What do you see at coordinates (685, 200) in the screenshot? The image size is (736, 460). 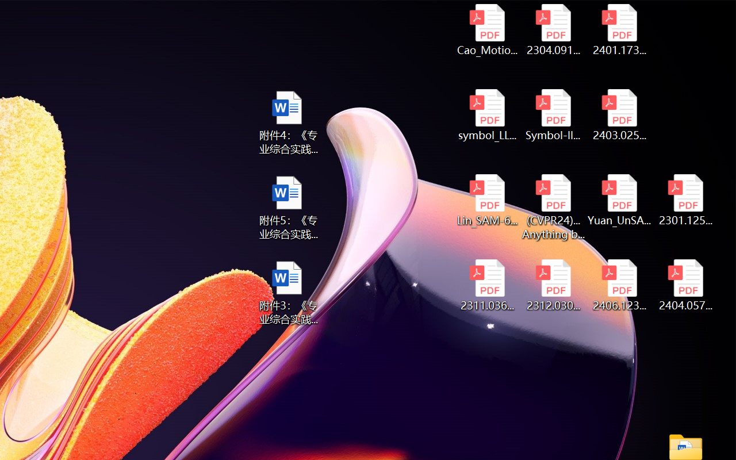 I see `'2301.12597v3.pdf'` at bounding box center [685, 200].